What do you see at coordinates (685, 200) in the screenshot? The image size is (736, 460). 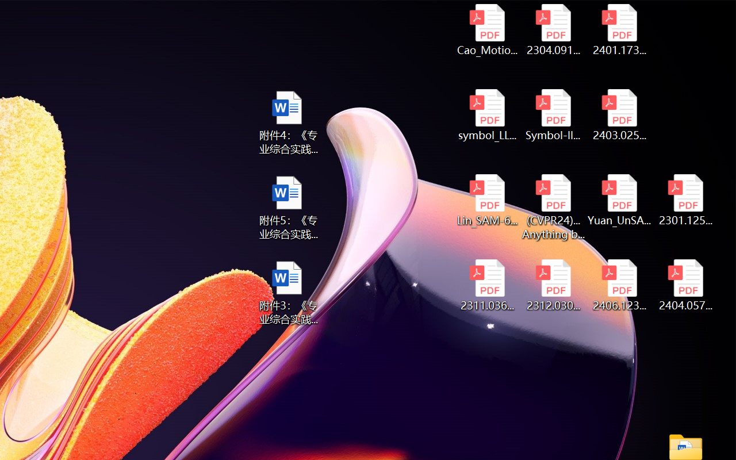 I see `'2301.12597v3.pdf'` at bounding box center [685, 200].